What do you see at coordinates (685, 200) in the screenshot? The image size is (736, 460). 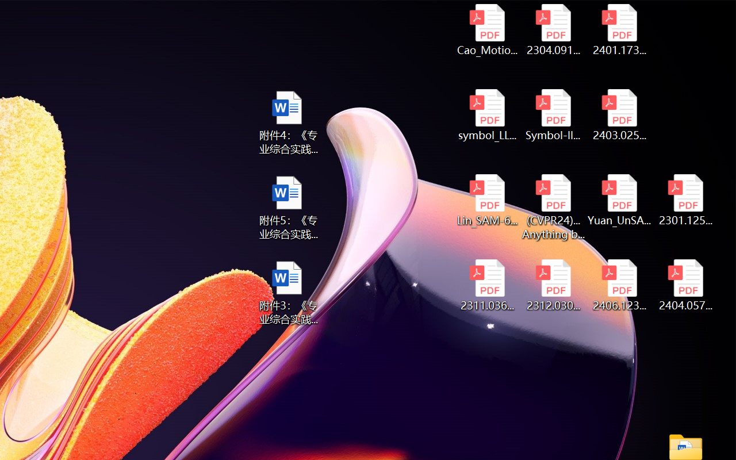 I see `'2301.12597v3.pdf'` at bounding box center [685, 200].